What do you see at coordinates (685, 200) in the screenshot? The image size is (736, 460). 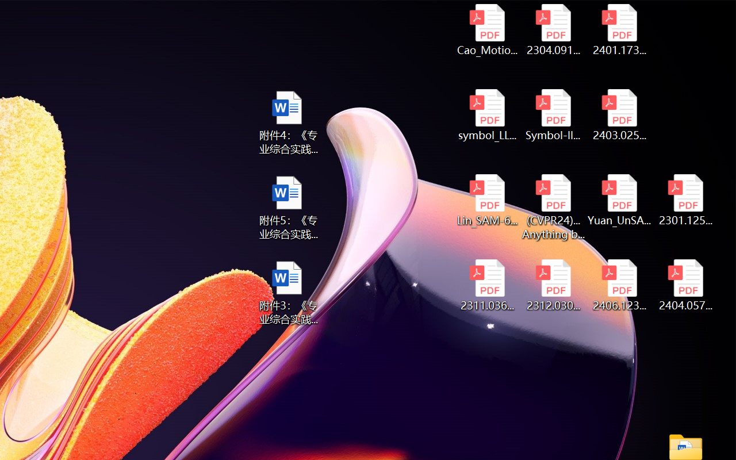 I see `'2301.12597v3.pdf'` at bounding box center [685, 200].